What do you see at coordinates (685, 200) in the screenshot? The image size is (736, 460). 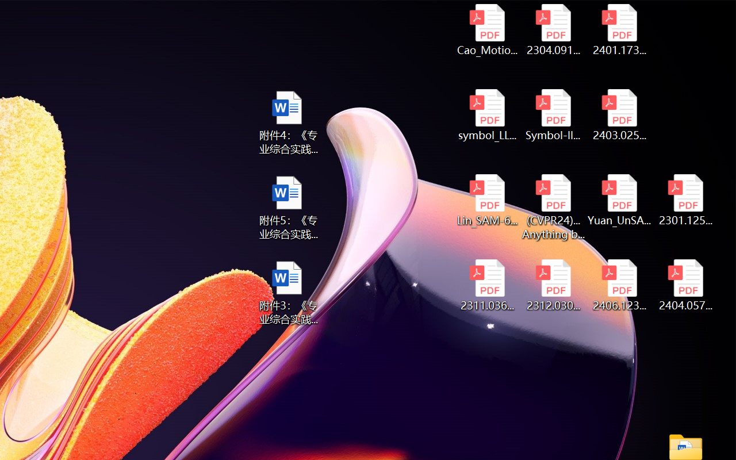 I see `'2301.12597v3.pdf'` at bounding box center [685, 200].